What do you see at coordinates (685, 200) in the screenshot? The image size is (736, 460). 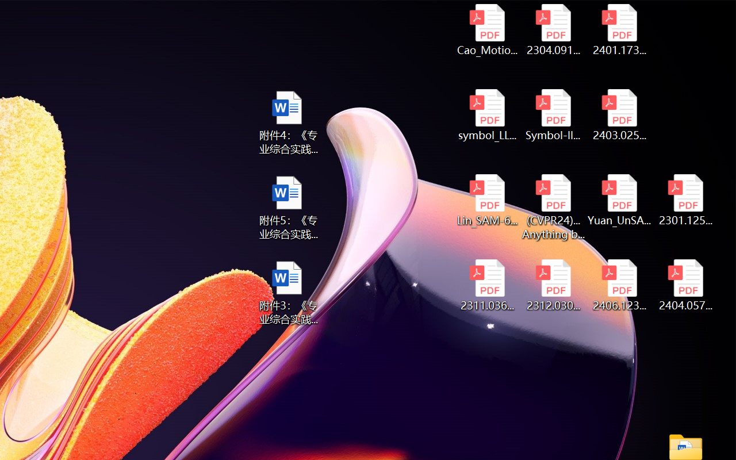 I see `'2301.12597v3.pdf'` at bounding box center [685, 200].